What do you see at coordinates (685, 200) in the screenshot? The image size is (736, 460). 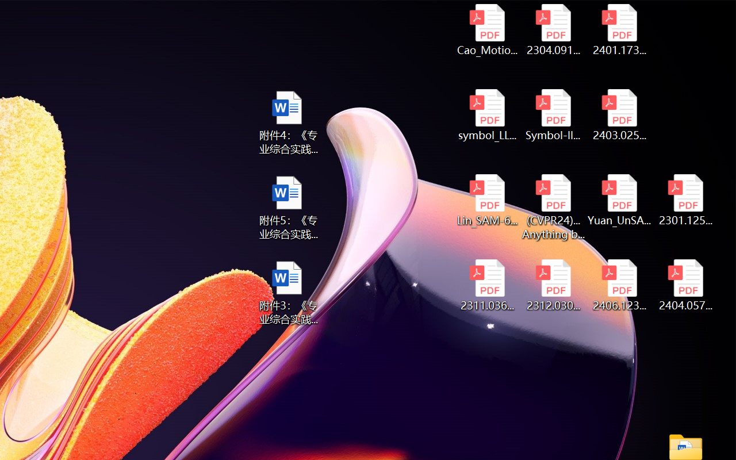 I see `'2301.12597v3.pdf'` at bounding box center [685, 200].